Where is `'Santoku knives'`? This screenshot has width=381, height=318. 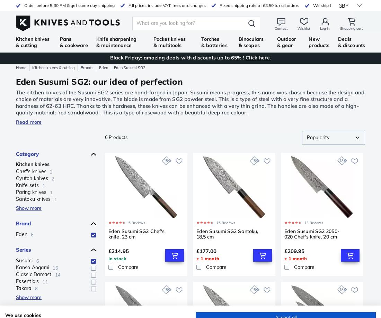 'Santoku knives' is located at coordinates (33, 199).